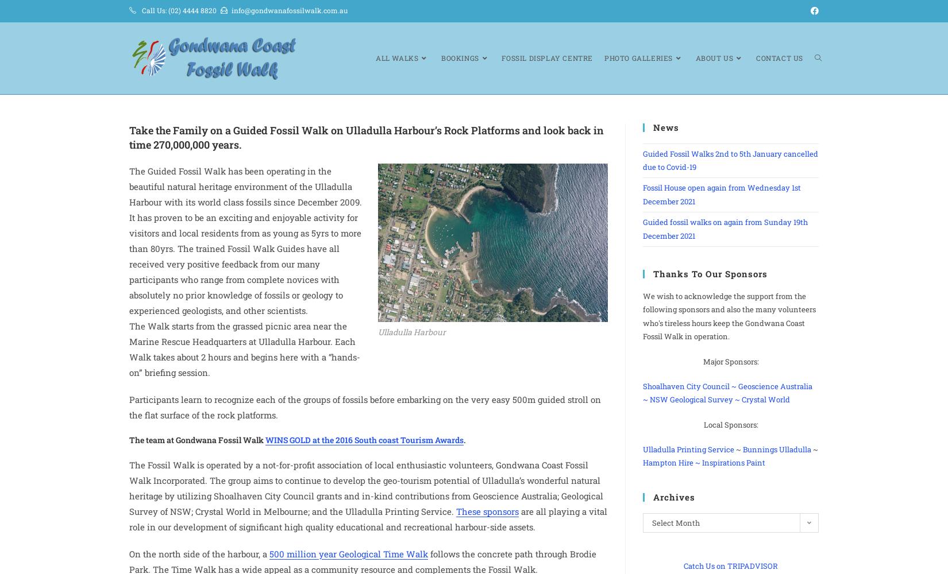 This screenshot has width=948, height=574. What do you see at coordinates (729, 316) in the screenshot?
I see `'We wish to acknowledge the support from the following sponsors and also the many volunteers who's tireless hours keep the Gondwana Coast Fossil Walk in operation.'` at bounding box center [729, 316].